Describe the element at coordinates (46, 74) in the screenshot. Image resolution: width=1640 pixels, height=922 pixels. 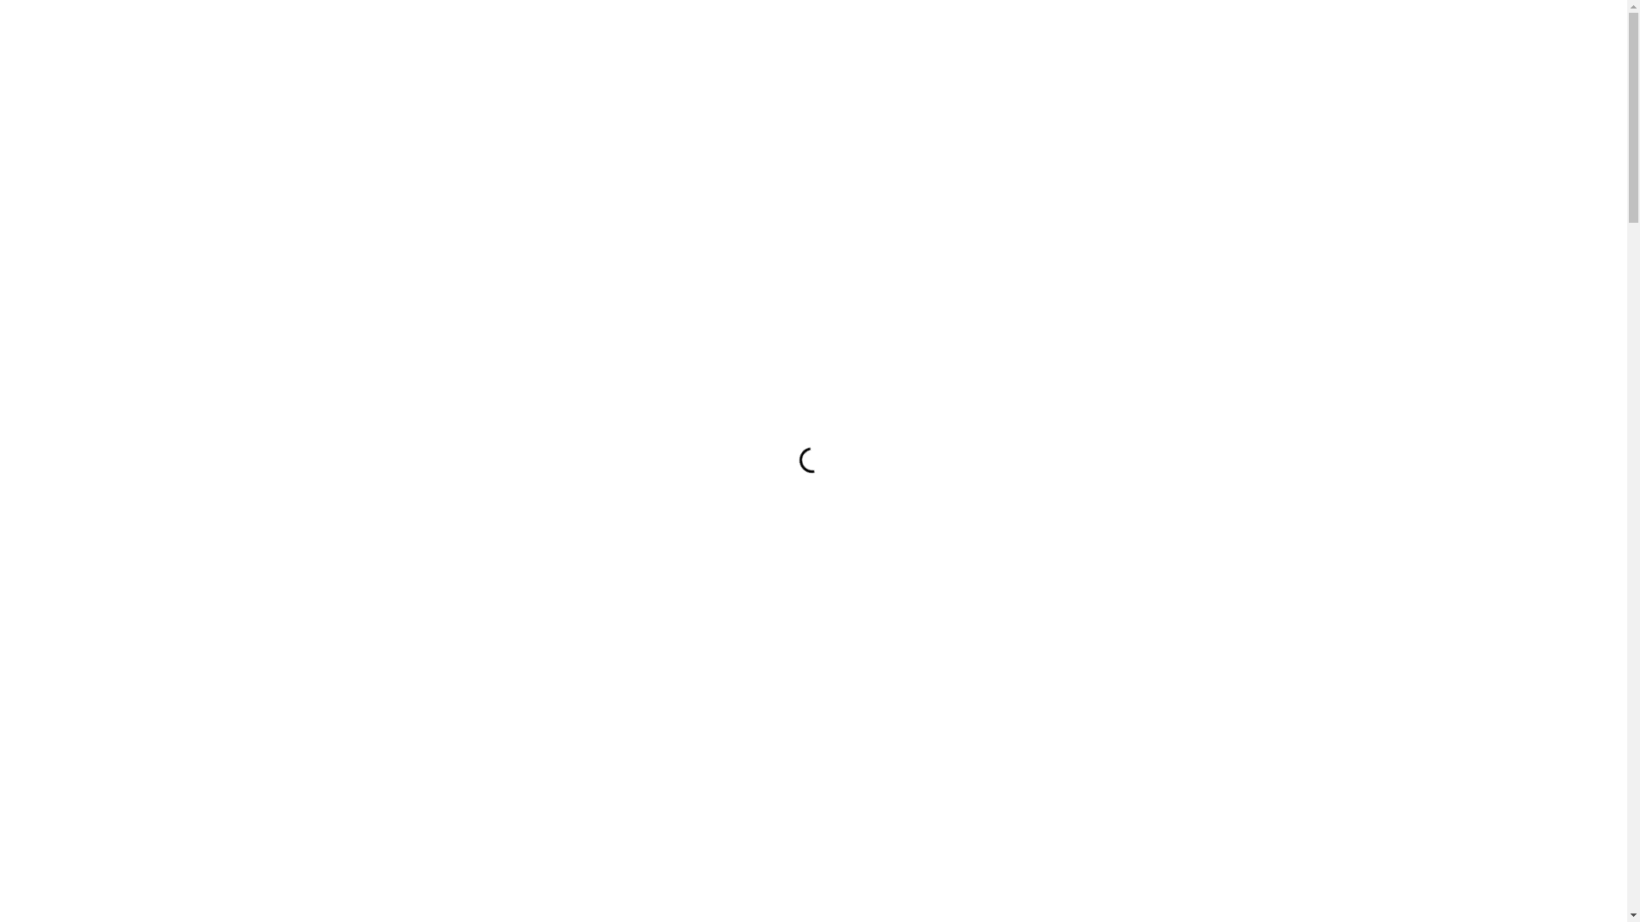
I see `'Orchester'` at that location.